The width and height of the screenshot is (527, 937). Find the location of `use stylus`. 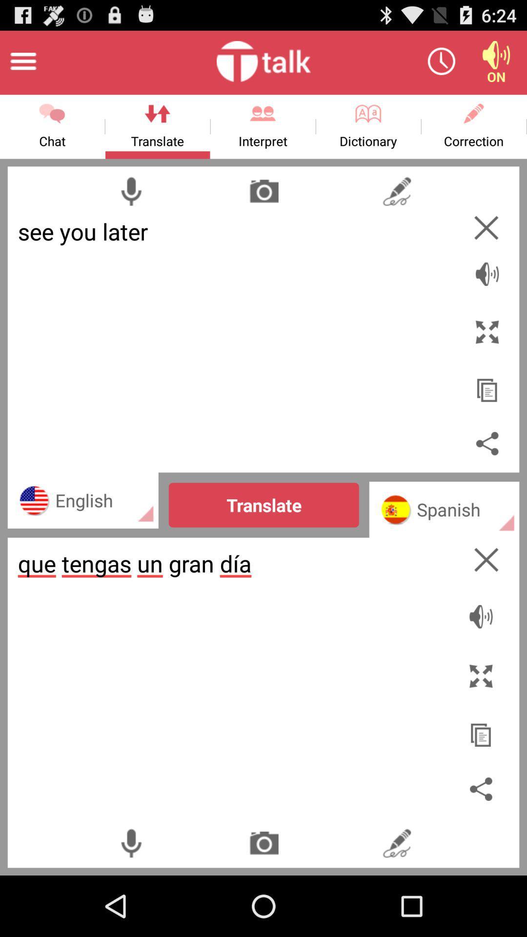

use stylus is located at coordinates (397, 842).